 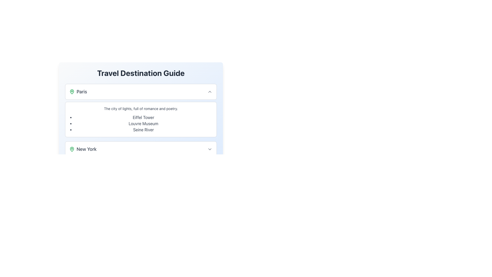 What do you see at coordinates (210, 92) in the screenshot?
I see `the collapse icon located at the top-right corner of the 'Paris' button` at bounding box center [210, 92].